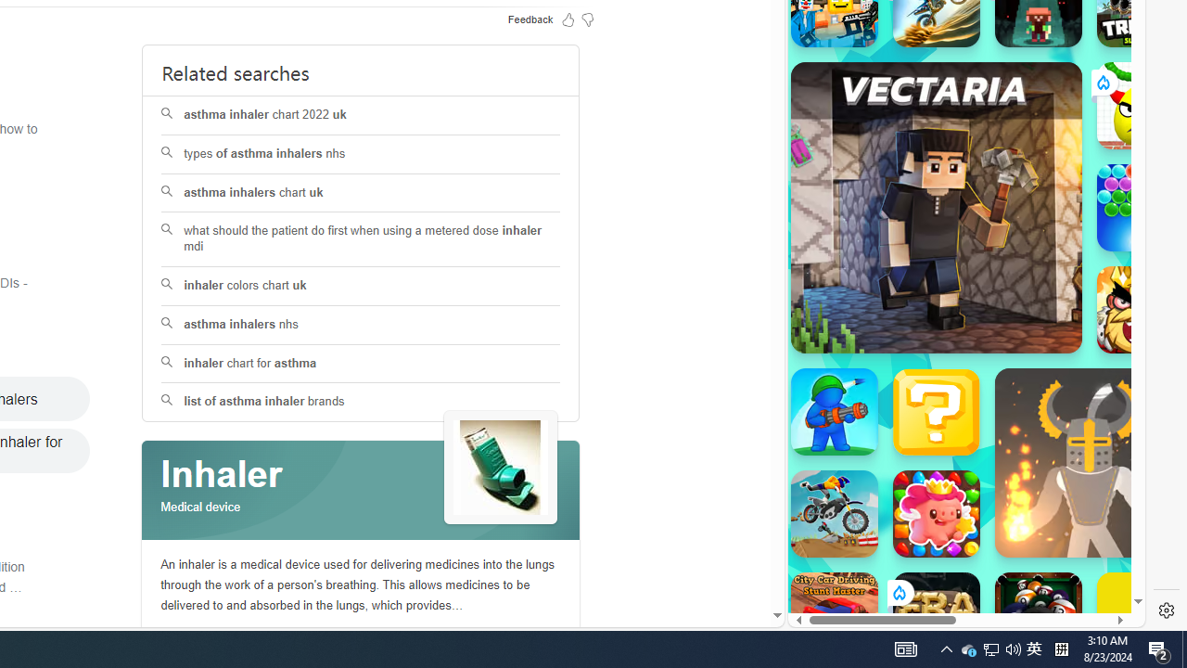 This screenshot has height=668, width=1187. What do you see at coordinates (898, 593) in the screenshot?
I see `'Class: rCs5cyEiqiTpYvt_VBCR'` at bounding box center [898, 593].